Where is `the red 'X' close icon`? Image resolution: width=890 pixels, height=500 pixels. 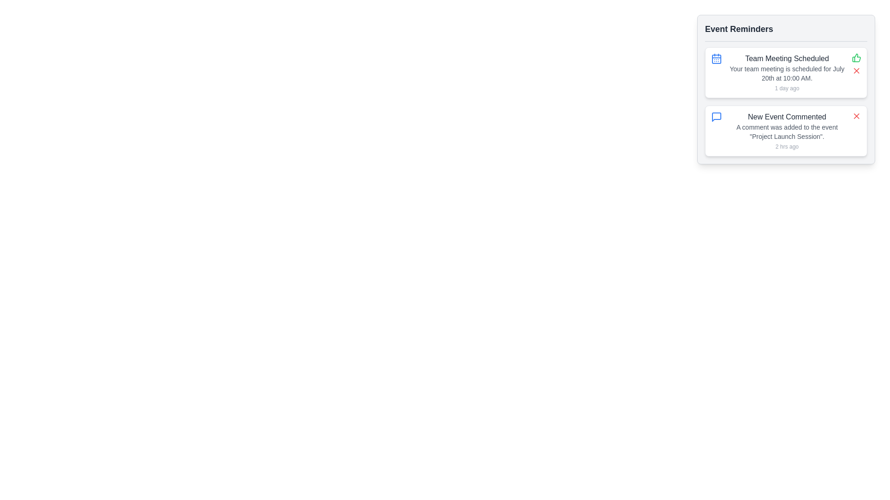
the red 'X' close icon is located at coordinates (856, 70).